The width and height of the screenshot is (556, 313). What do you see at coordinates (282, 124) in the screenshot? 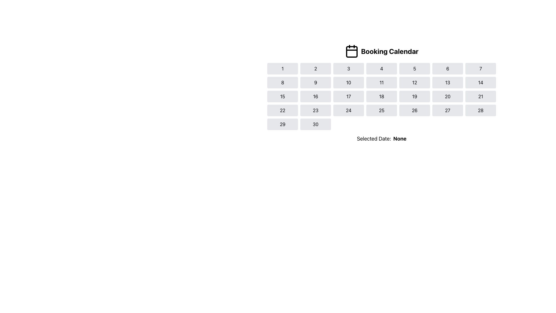
I see `the button labeled '29'` at bounding box center [282, 124].